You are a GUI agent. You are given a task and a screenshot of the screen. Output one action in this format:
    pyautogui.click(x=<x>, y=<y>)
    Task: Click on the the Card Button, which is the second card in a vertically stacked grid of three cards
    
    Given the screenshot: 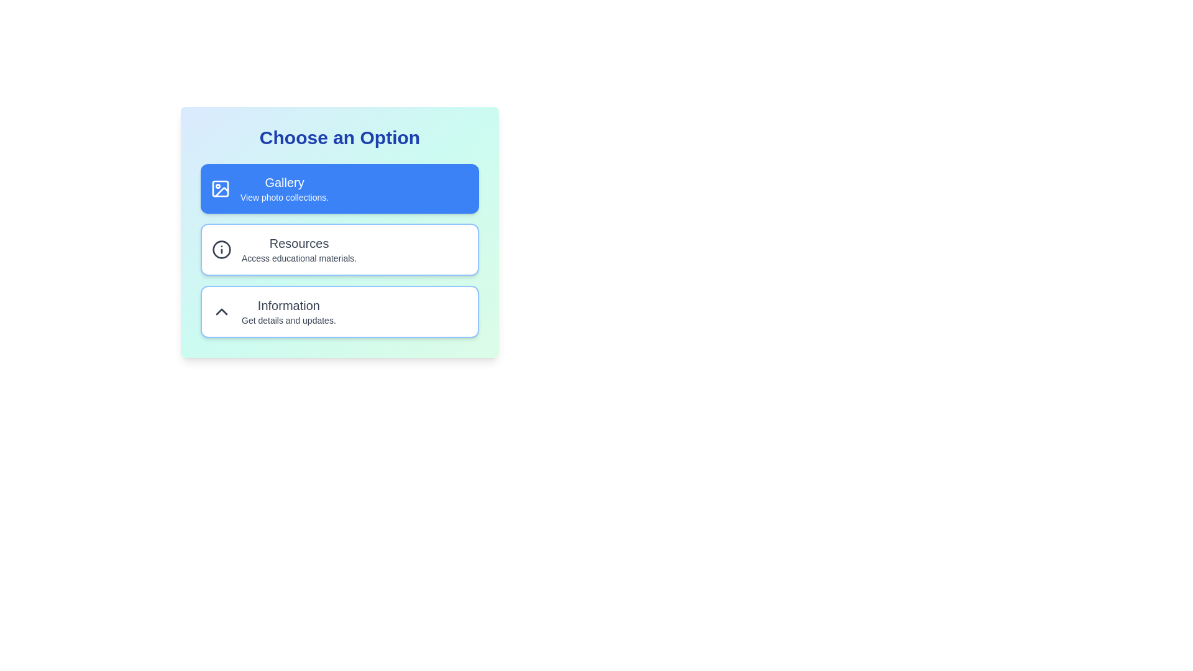 What is the action you would take?
    pyautogui.click(x=340, y=249)
    